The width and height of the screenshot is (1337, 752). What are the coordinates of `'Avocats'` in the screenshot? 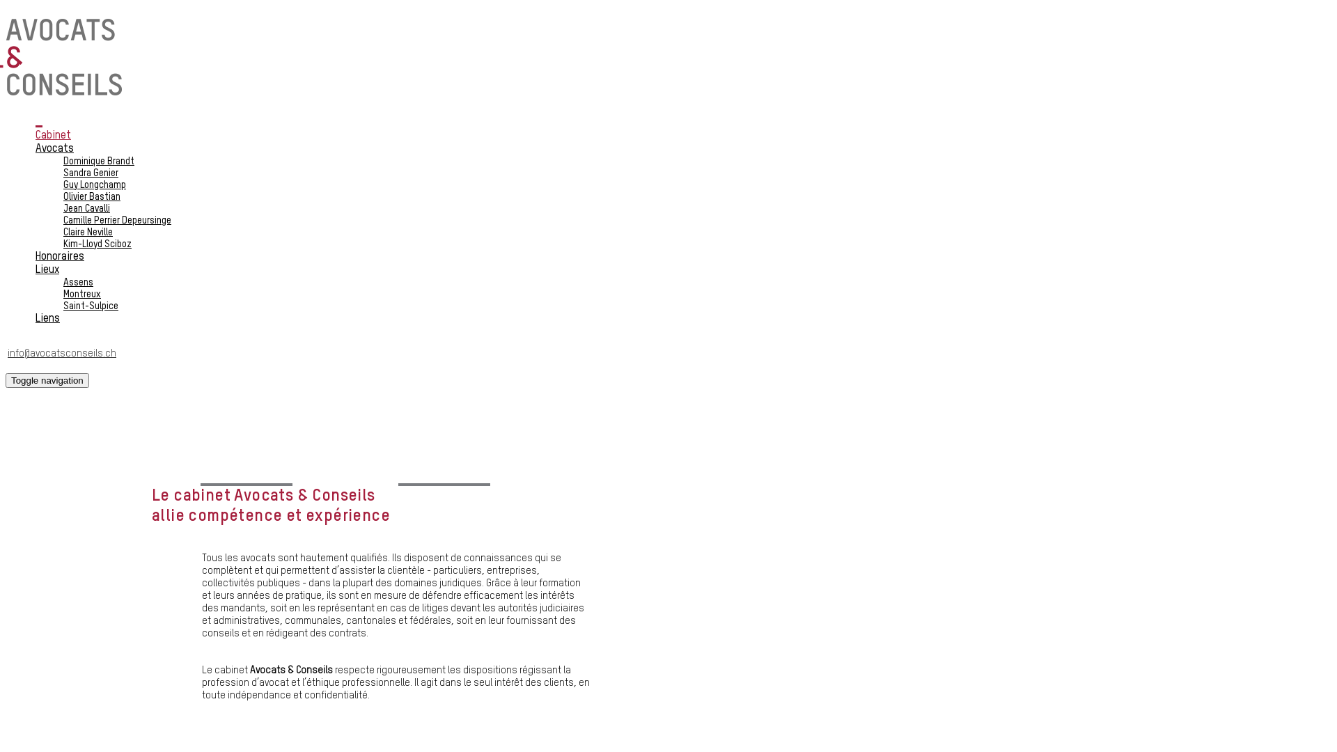 It's located at (33, 148).